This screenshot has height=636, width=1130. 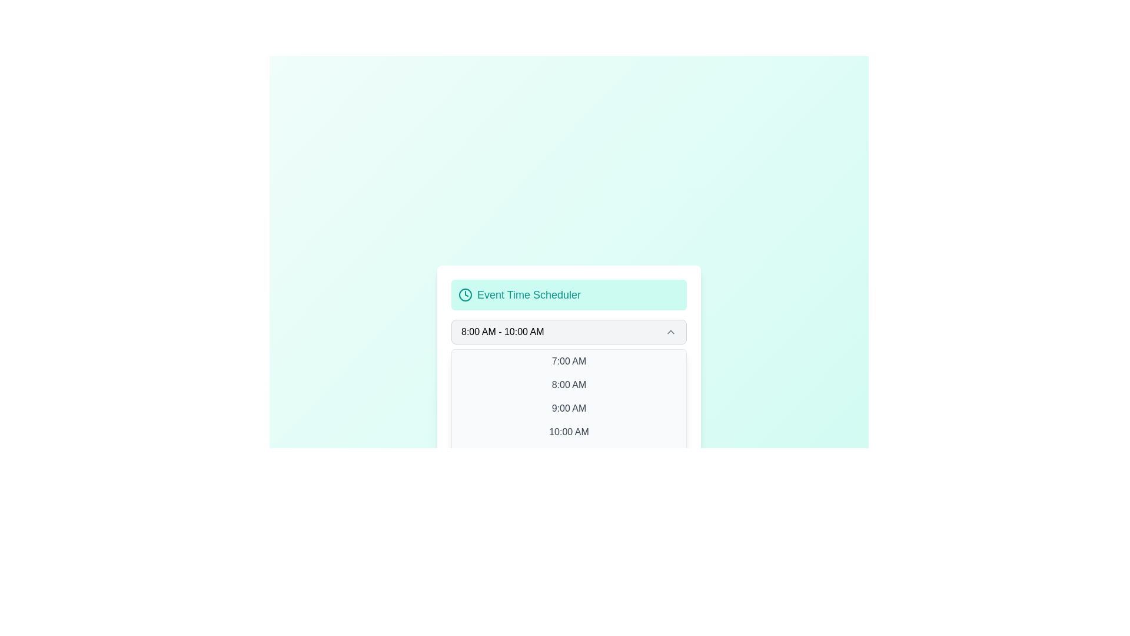 I want to click on the selectable dropdown menu item displaying '8:00 AM' in gray font style, which is the second option in the dropdown list, so click(x=569, y=385).